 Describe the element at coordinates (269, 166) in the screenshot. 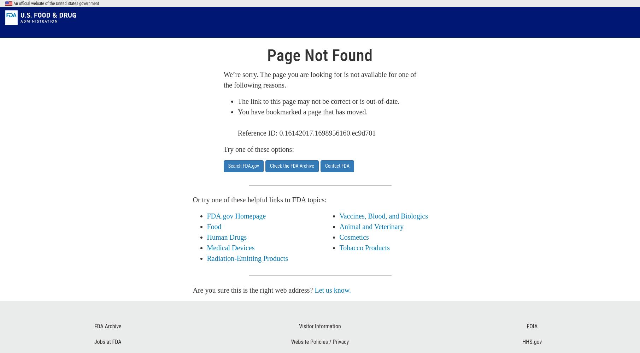

I see `'Check the FDA Archive'` at that location.